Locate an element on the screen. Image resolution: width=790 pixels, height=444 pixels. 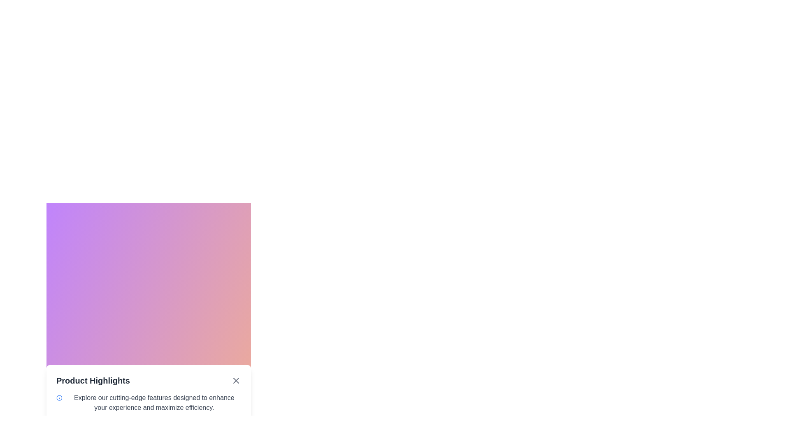
the informational icon located to the left of the descriptive text 'Explore our cutting-edge features designed to enhance your experience and maximize efficiency' is located at coordinates (59, 398).